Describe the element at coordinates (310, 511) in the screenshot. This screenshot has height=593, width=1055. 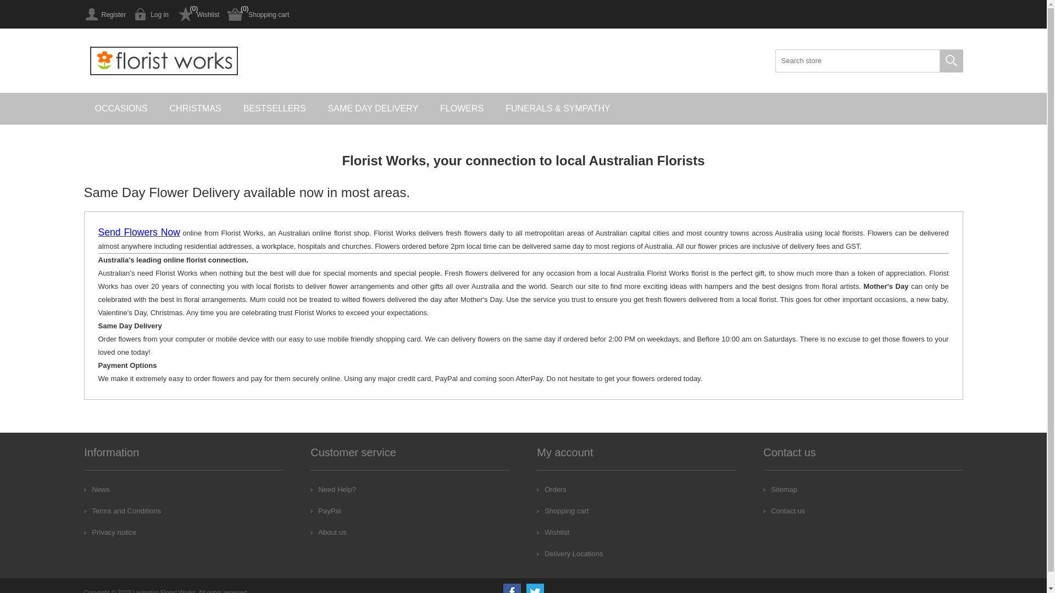
I see `'PayPal'` at that location.